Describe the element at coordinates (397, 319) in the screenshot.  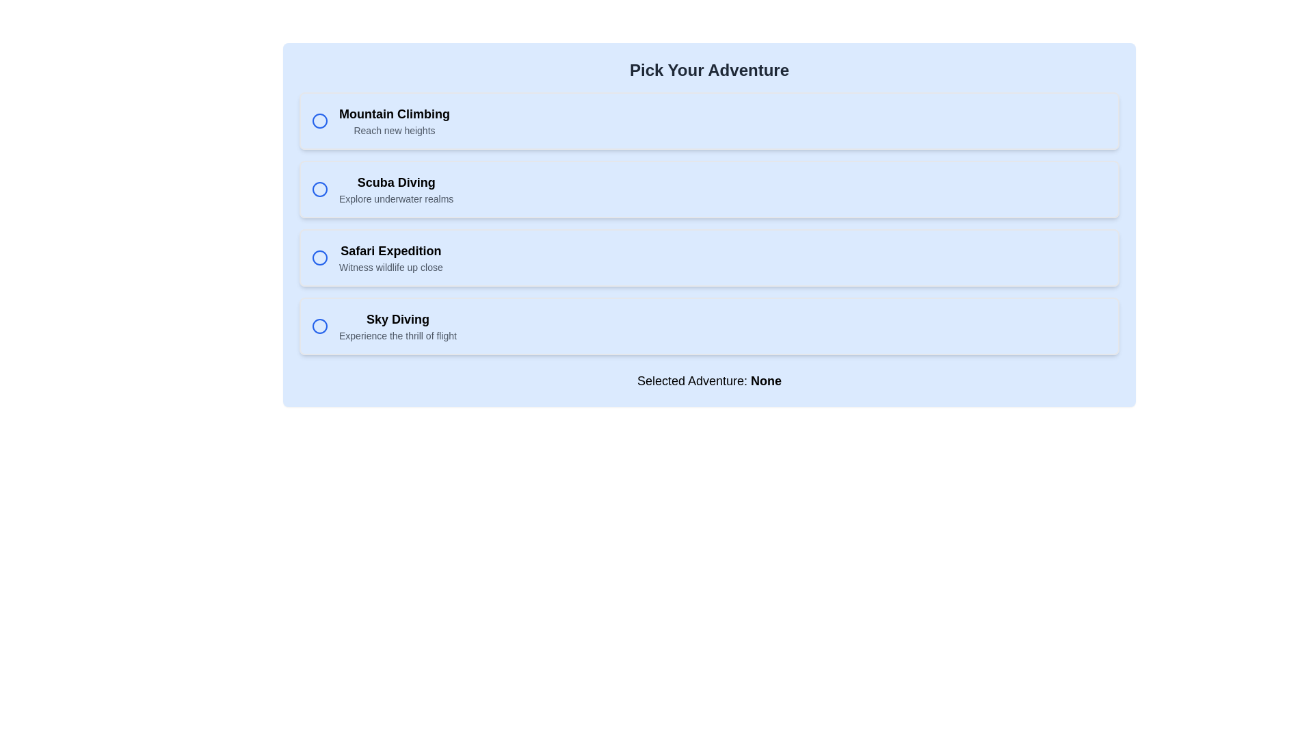
I see `text label for the 'Sky Diving' option in the selection list titled 'Pick Your Adventure', which serves as the main label for this choice` at that location.